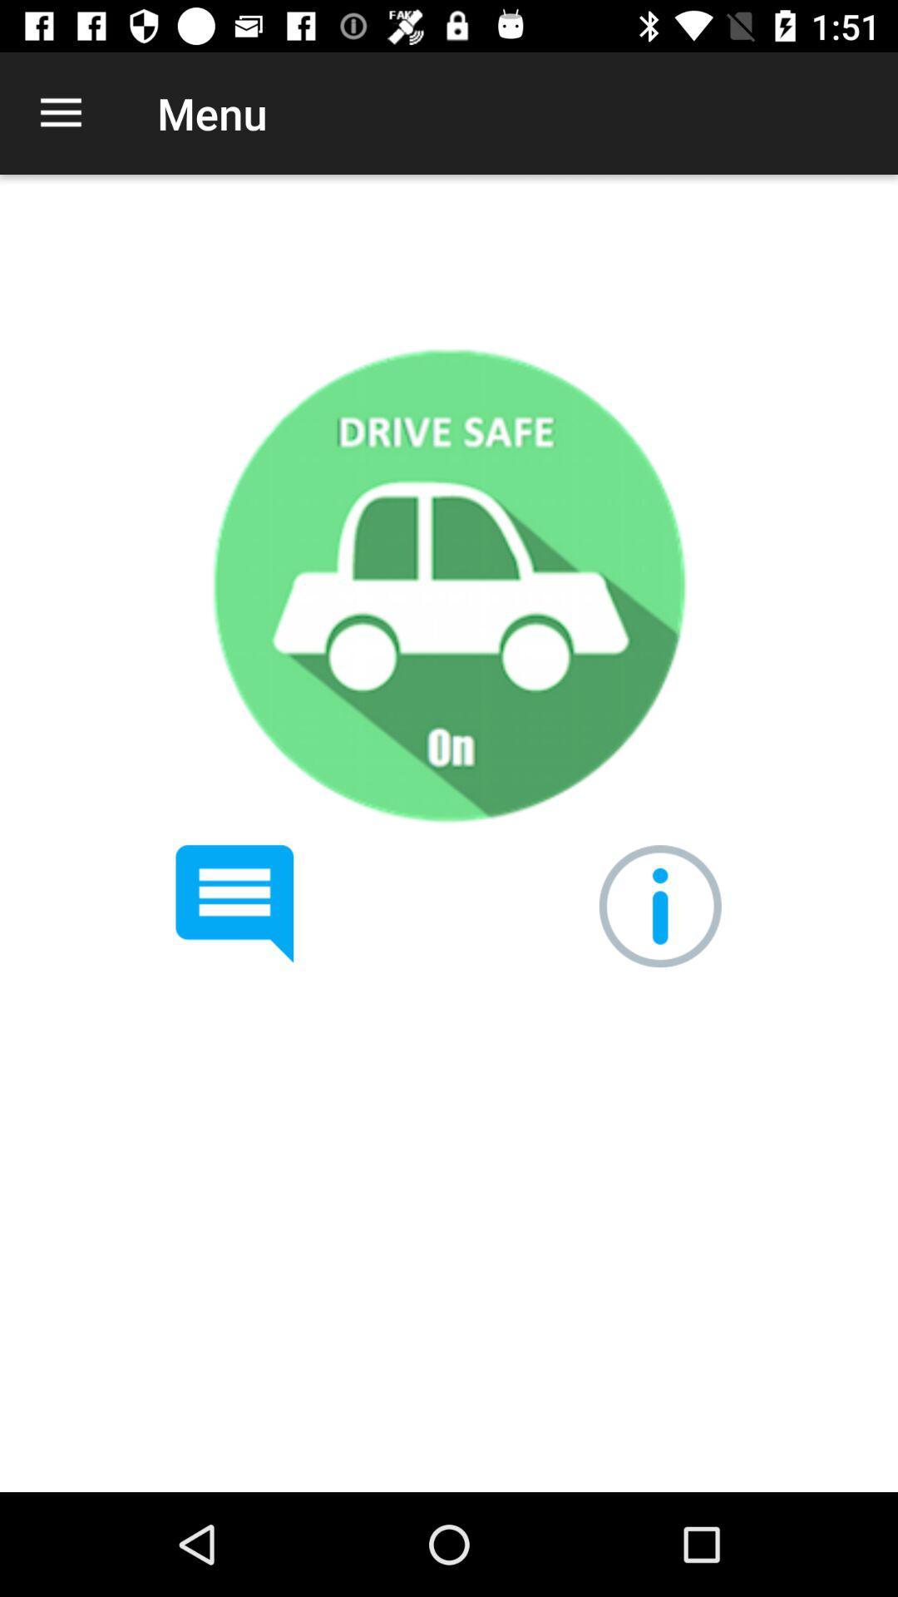  What do you see at coordinates (447, 585) in the screenshot?
I see `turn drive safe off` at bounding box center [447, 585].